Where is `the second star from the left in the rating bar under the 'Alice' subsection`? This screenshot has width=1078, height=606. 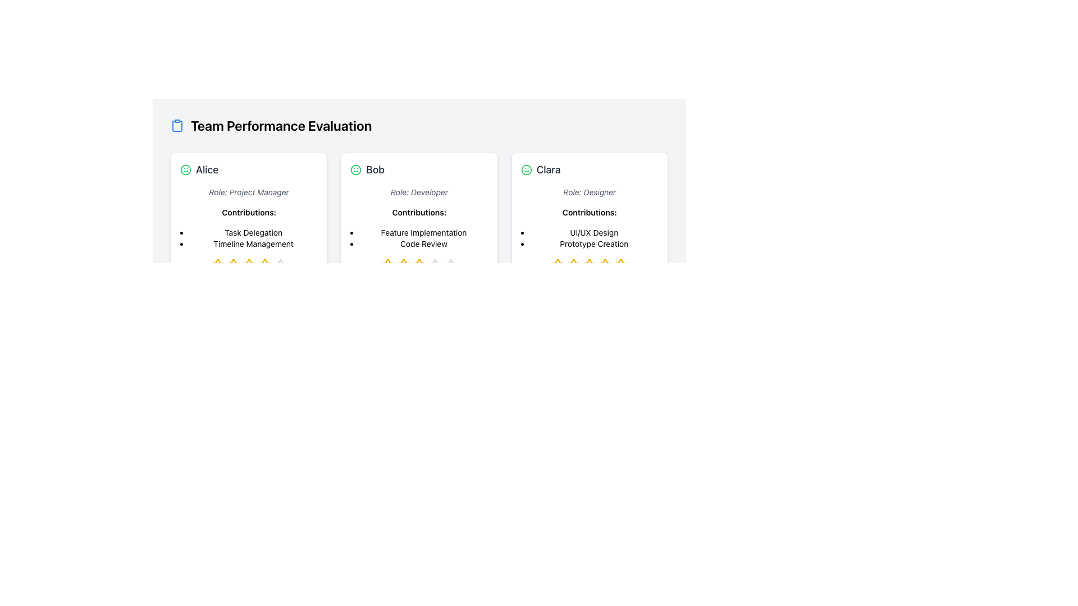
the second star from the left in the rating bar under the 'Alice' subsection is located at coordinates (248, 265).